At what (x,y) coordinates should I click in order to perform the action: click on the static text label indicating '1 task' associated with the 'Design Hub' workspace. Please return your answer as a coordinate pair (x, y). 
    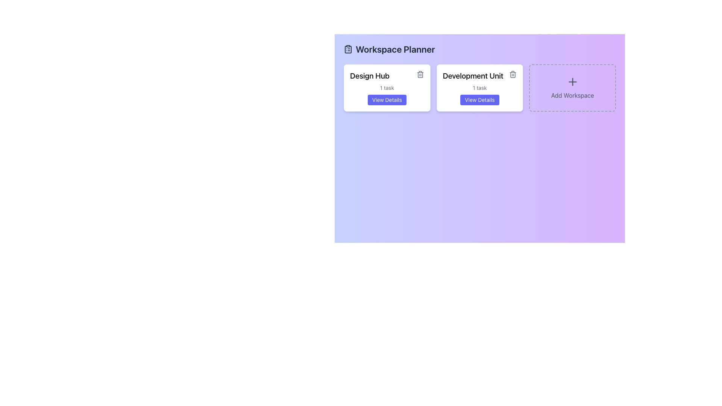
    Looking at the image, I should click on (387, 88).